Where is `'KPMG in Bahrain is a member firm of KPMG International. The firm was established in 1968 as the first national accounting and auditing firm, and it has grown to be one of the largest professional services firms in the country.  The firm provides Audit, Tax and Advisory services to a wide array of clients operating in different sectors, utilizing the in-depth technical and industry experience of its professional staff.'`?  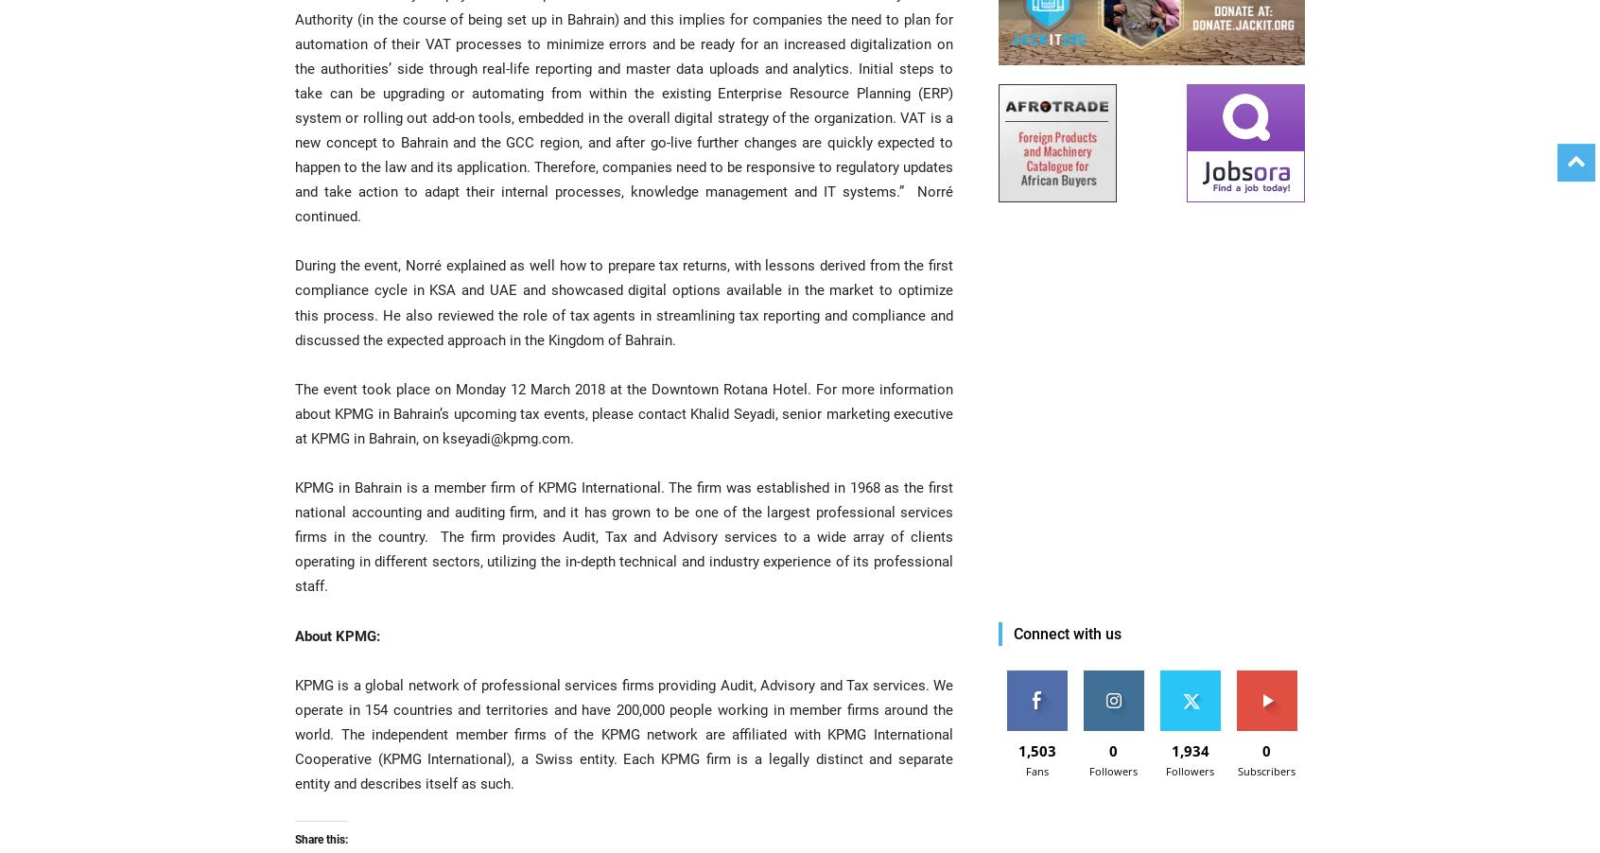
'KPMG in Bahrain is a member firm of KPMG International. The firm was established in 1968 as the first national accounting and auditing firm, and it has grown to be one of the largest professional services firms in the country.  The firm provides Audit, Tax and Advisory services to a wide array of clients operating in different sectors, utilizing the in-depth technical and industry experience of its professional staff.' is located at coordinates (624, 536).